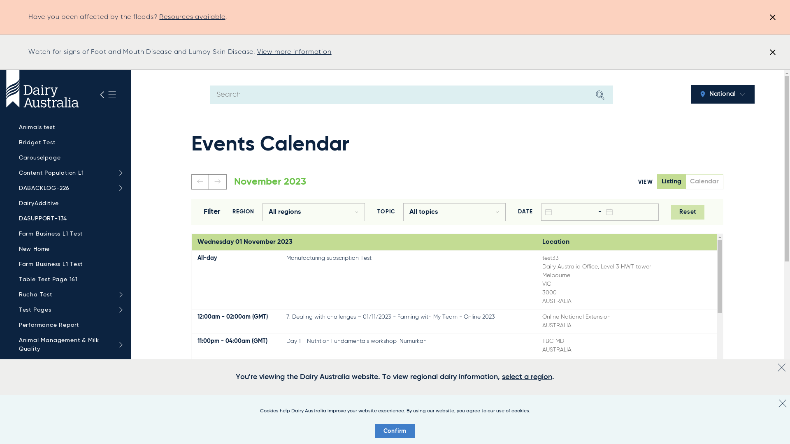 The height and width of the screenshot is (444, 790). Describe the element at coordinates (704, 181) in the screenshot. I see `'Calendar'` at that location.